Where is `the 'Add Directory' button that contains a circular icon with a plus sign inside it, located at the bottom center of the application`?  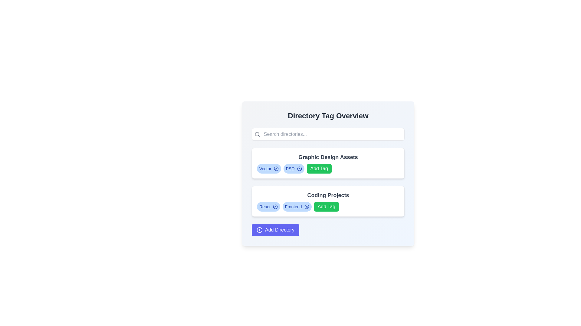
the 'Add Directory' button that contains a circular icon with a plus sign inside it, located at the bottom center of the application is located at coordinates (260, 230).